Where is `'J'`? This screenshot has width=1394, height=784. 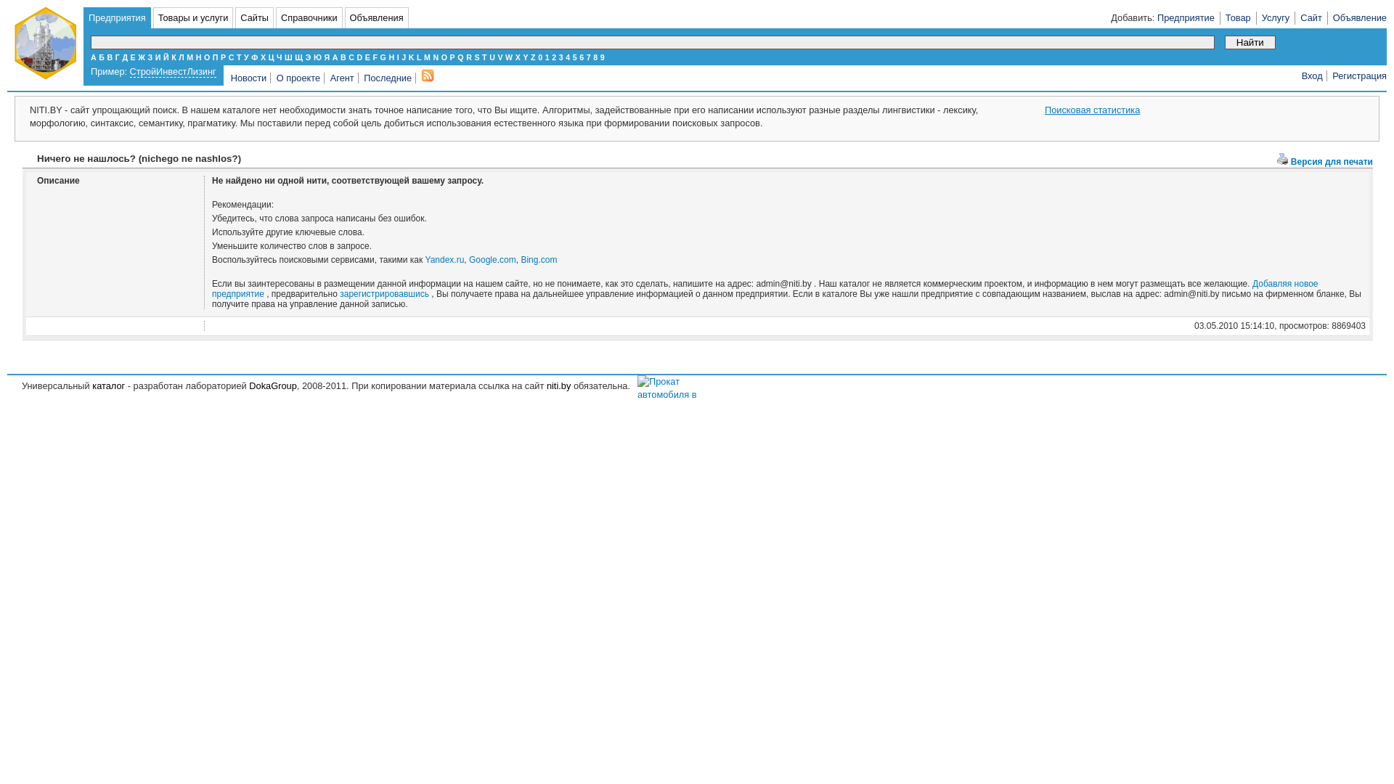 'J' is located at coordinates (404, 56).